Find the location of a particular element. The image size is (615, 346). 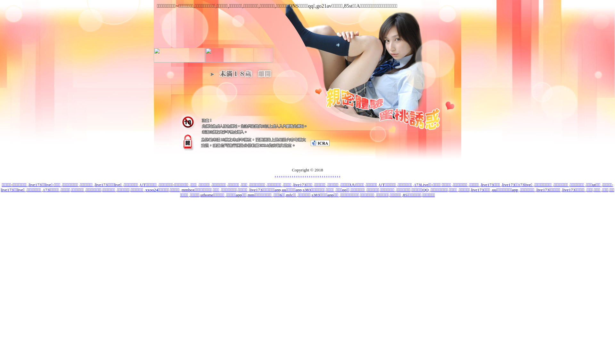

'.' is located at coordinates (326, 175).